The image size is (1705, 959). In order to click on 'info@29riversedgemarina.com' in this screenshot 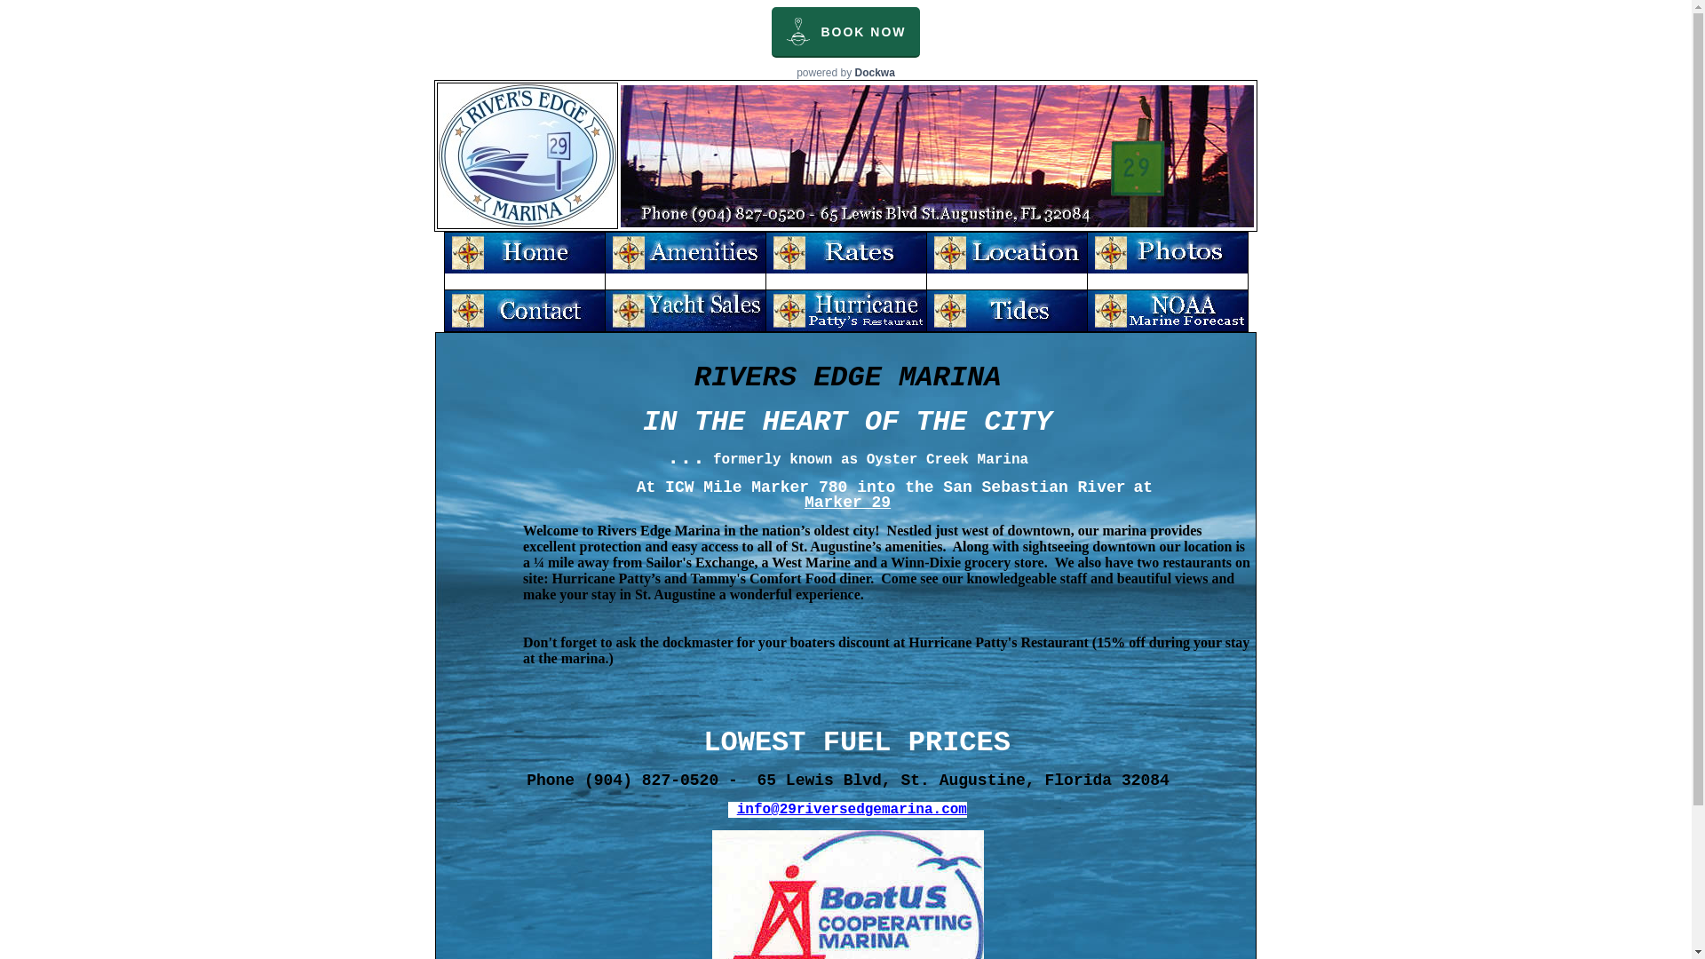, I will do `click(851, 809)`.